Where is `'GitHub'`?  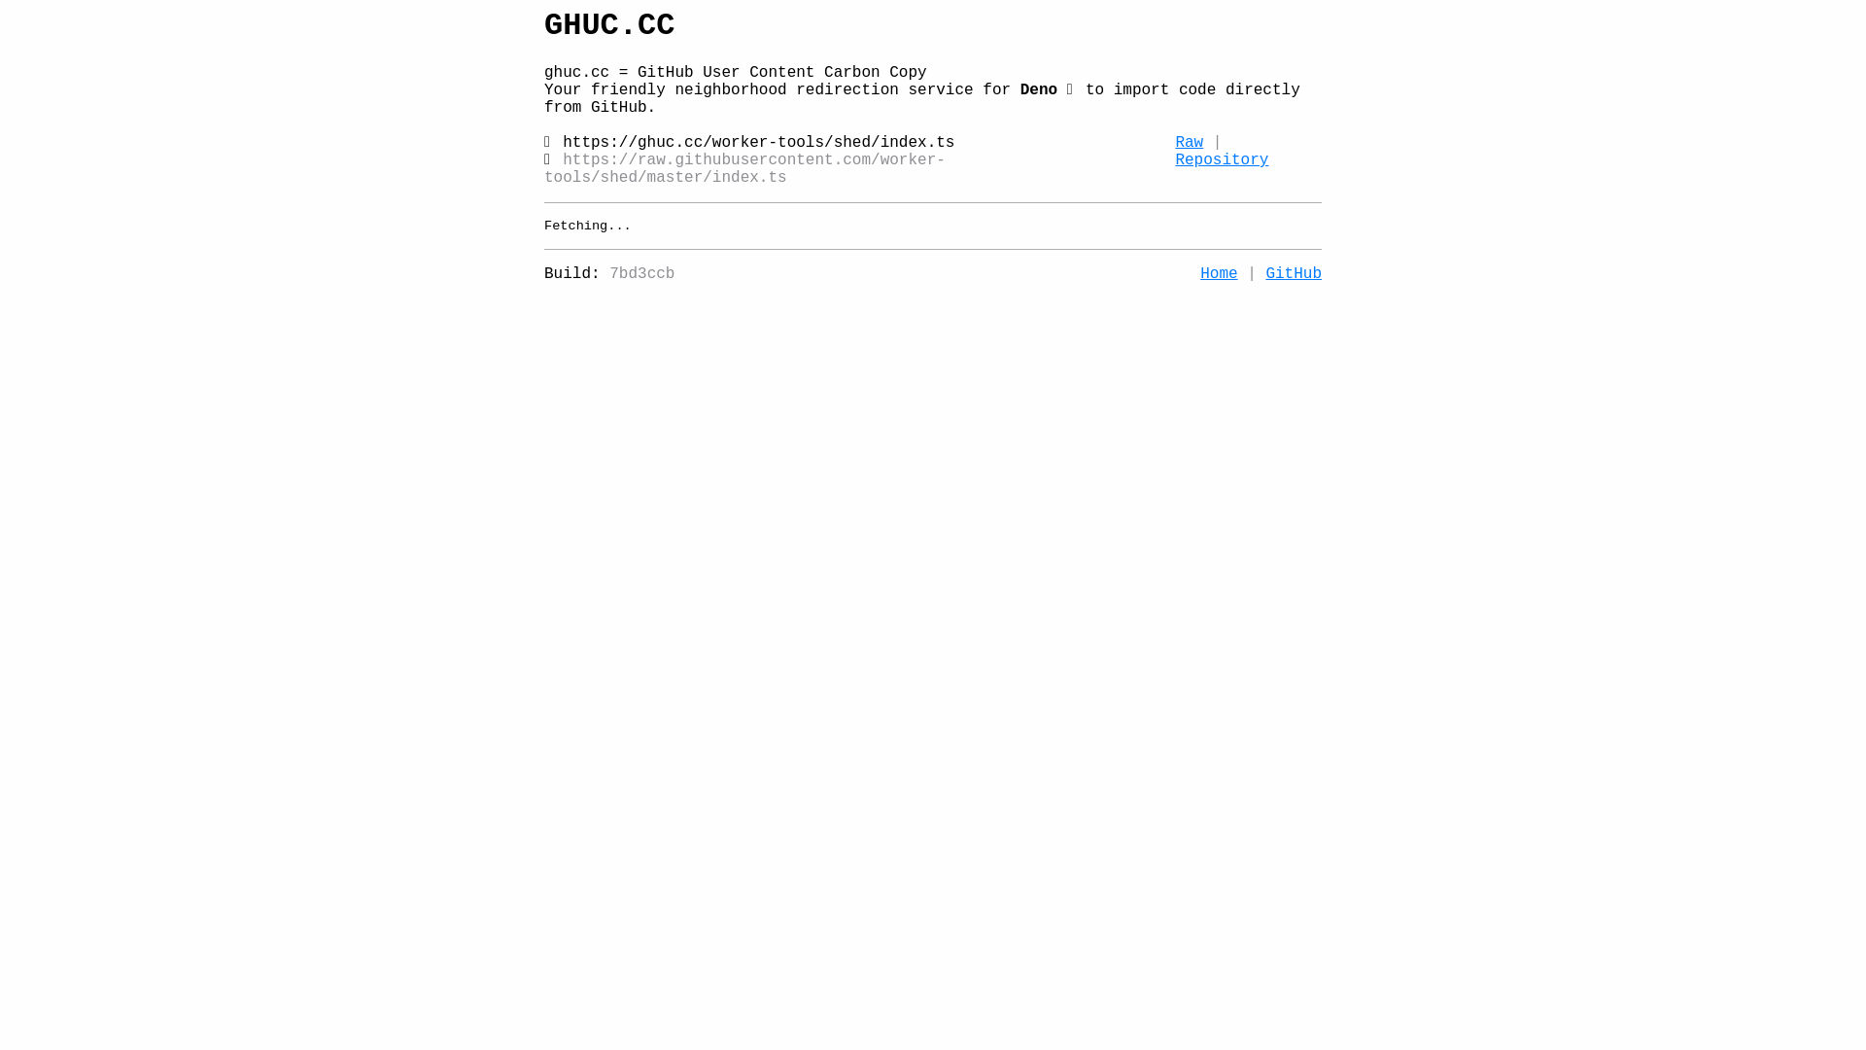
'GitHub' is located at coordinates (1264, 273).